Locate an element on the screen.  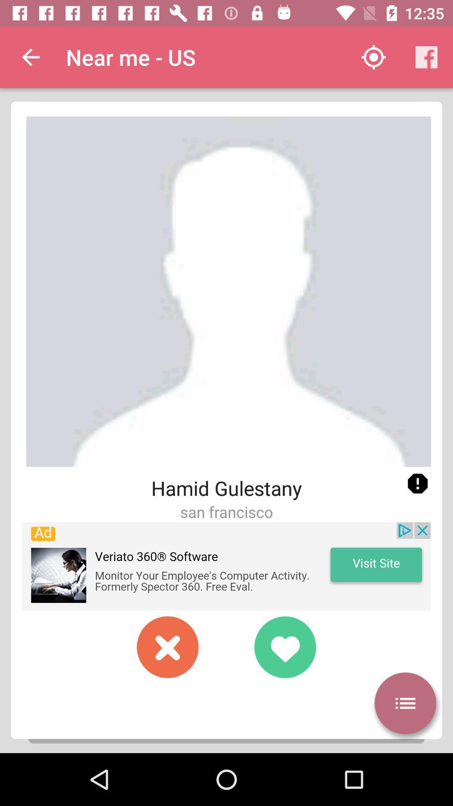
delete this entry is located at coordinates (168, 646).